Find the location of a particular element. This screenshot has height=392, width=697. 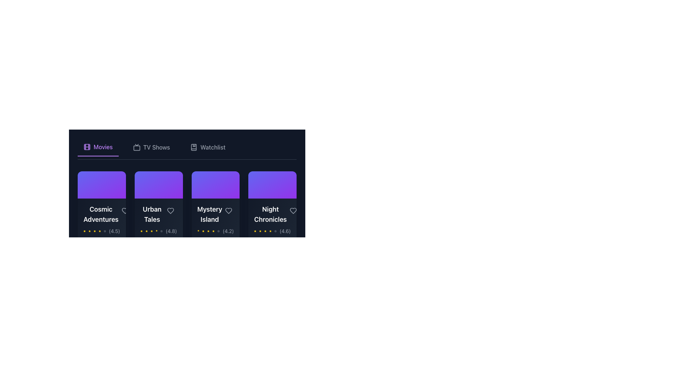

the heart icon button associated with 'Urban Tales' is located at coordinates (170, 211).